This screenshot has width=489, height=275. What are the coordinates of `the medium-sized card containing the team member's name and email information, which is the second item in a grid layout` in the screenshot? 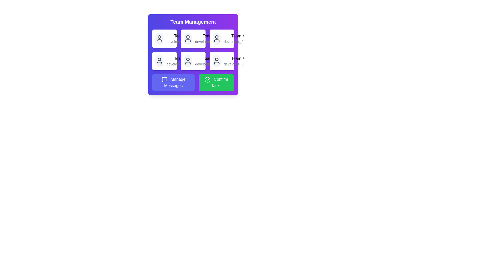 It's located at (193, 38).